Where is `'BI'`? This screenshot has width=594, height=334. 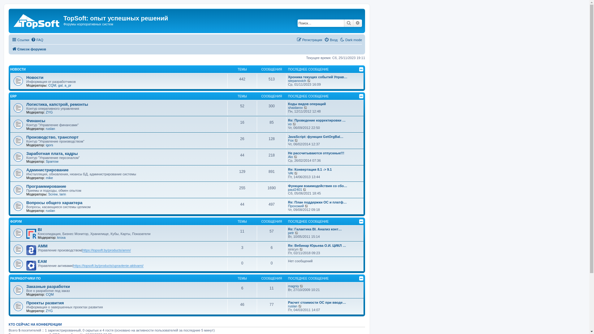 'BI' is located at coordinates (39, 229).